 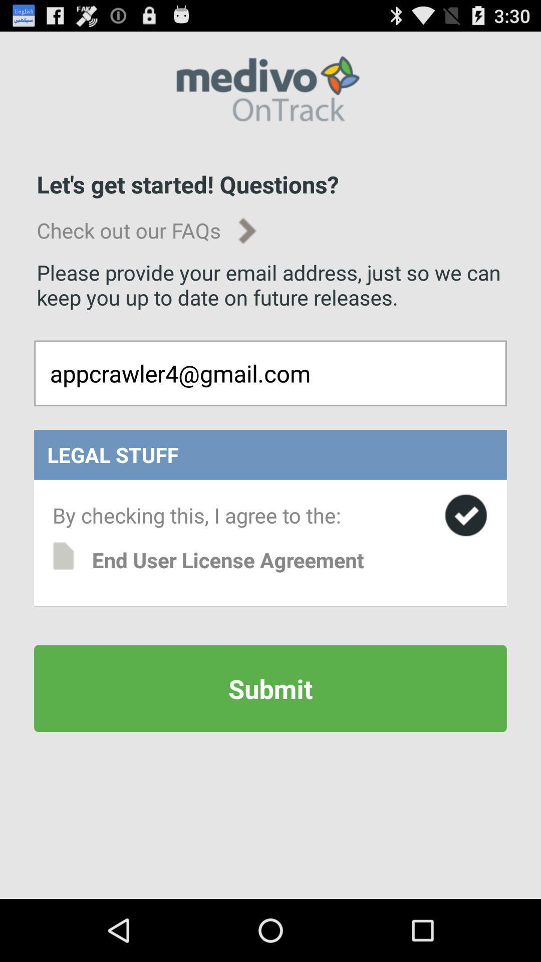 I want to click on agree to terms, so click(x=466, y=515).